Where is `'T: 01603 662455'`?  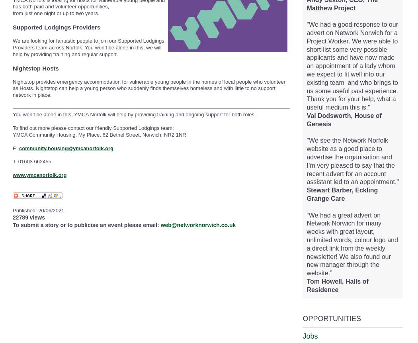
'T: 01603 662455' is located at coordinates (32, 161).